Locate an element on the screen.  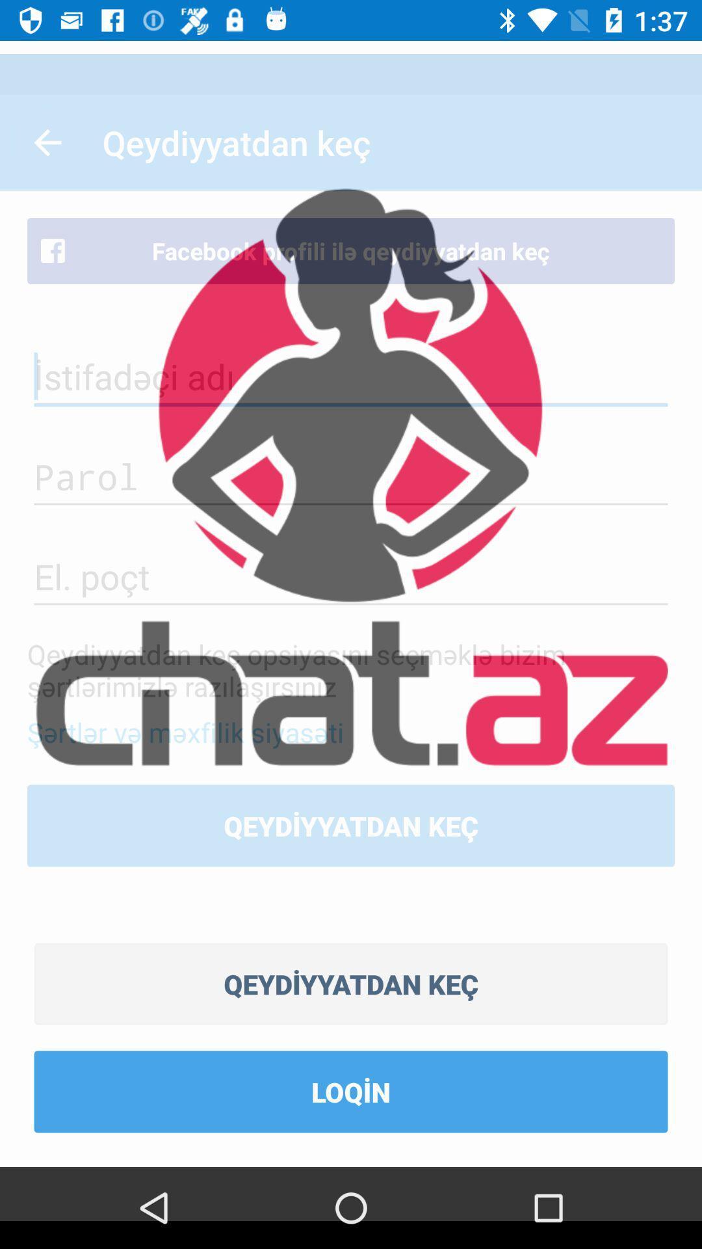
the loqin item is located at coordinates (351, 1092).